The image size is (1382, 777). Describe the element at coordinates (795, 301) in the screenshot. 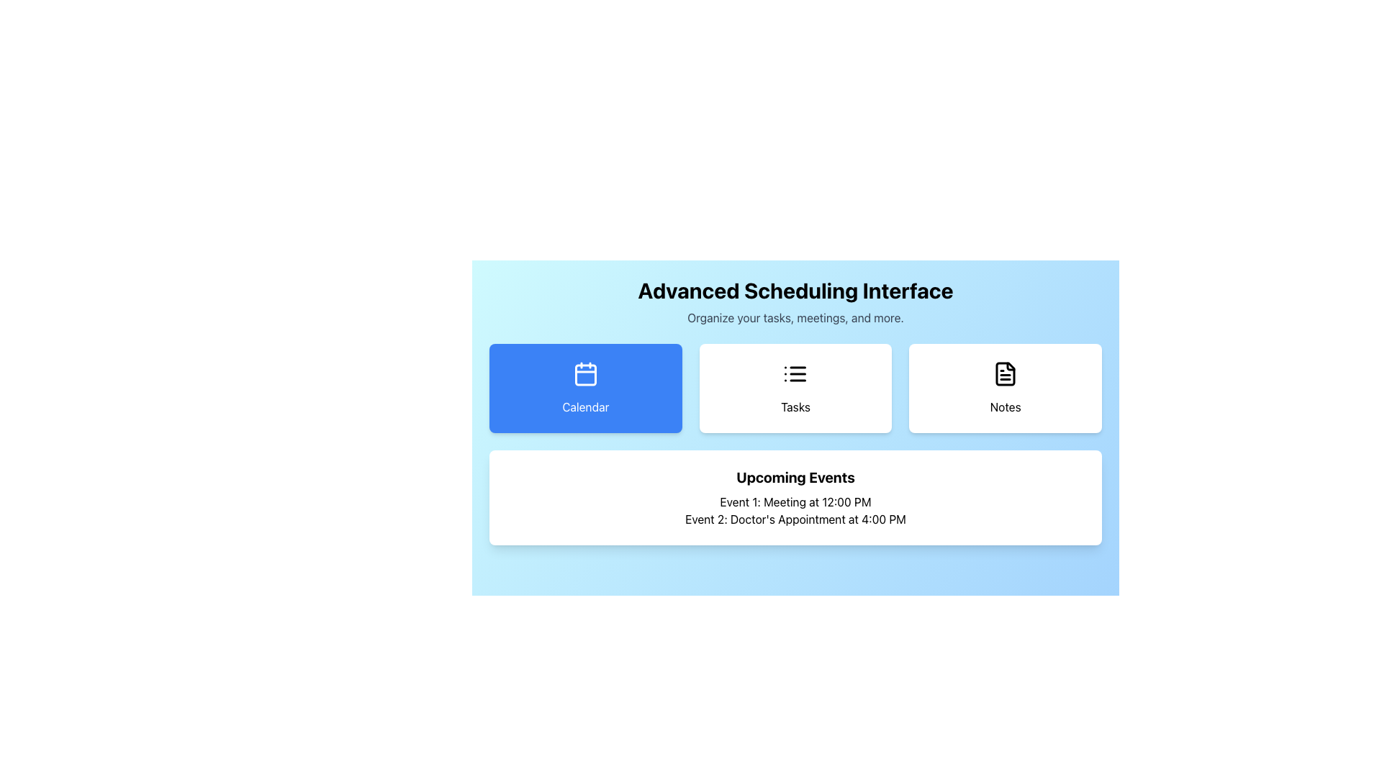

I see `the text block header section that includes the bold title 'Advanced Scheduling Interface' and subtitle 'Organize your tasks, meetings, and more.'` at that location.